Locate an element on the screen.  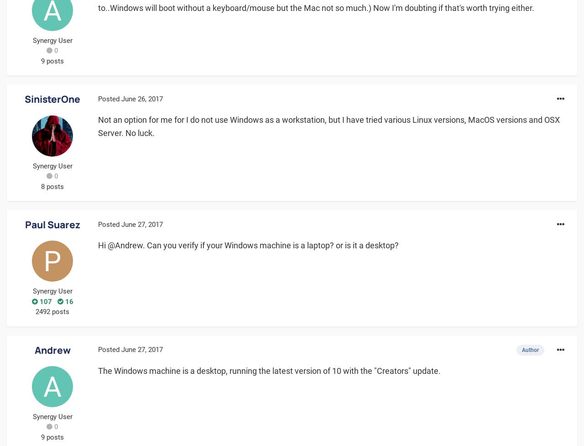
'Author' is located at coordinates (530, 349).